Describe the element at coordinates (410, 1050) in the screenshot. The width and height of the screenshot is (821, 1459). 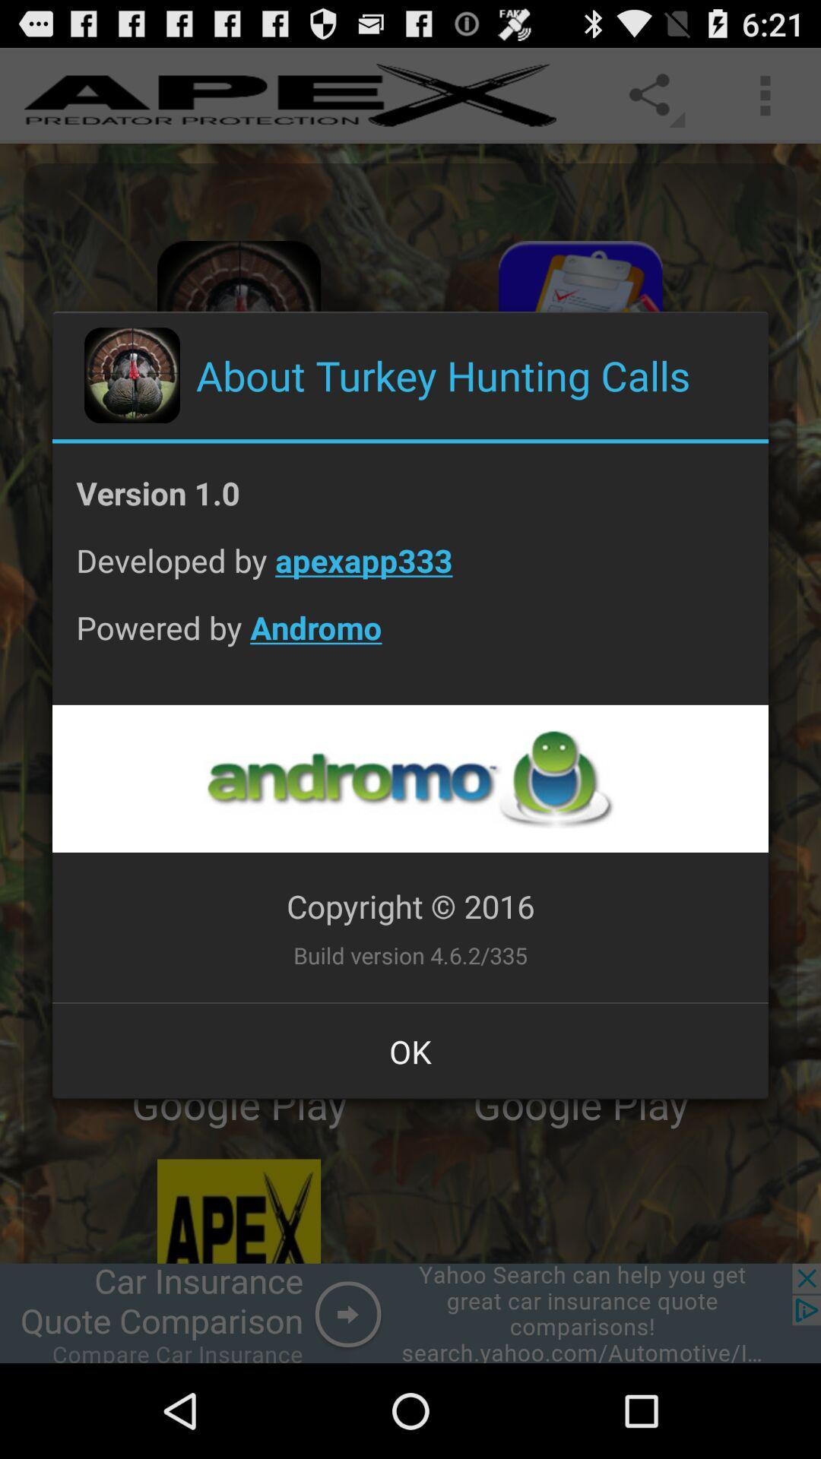
I see `the button at the bottom` at that location.